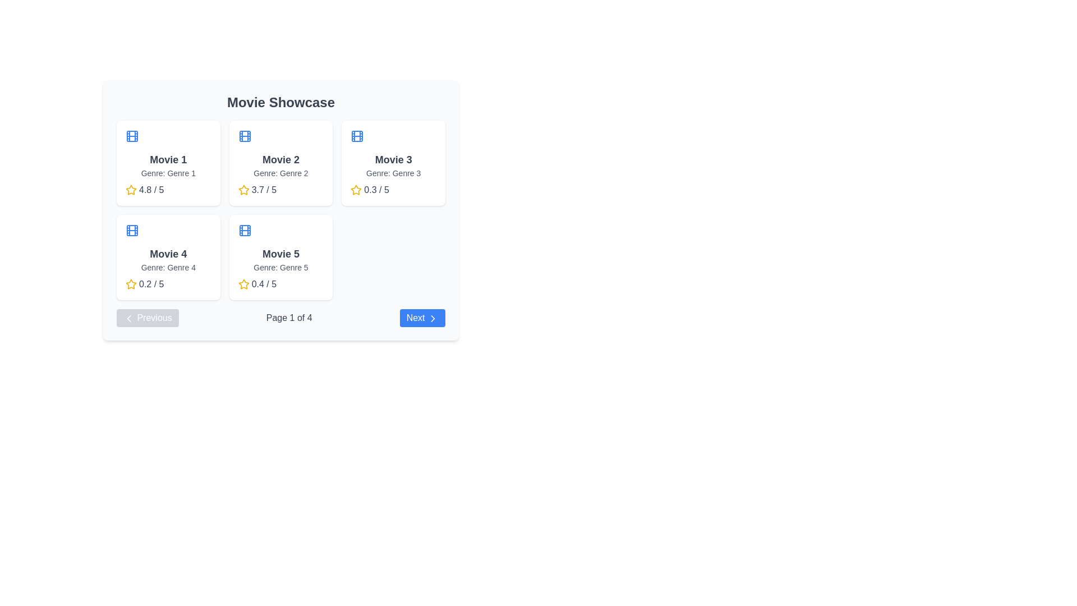 Image resolution: width=1077 pixels, height=606 pixels. Describe the element at coordinates (243, 283) in the screenshot. I see `the yellow star-shaped icon indicating a rating of '0.4 / 5' for 'Movie 5' located in the lower-right card of a five-card grid layout` at that location.